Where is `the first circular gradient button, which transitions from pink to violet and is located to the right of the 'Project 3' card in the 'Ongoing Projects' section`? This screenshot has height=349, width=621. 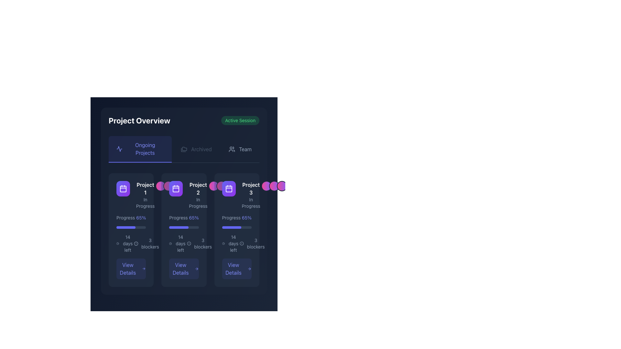
the first circular gradient button, which transitions from pink to violet and is located to the right of the 'Project 3' card in the 'Ongoing Projects' section is located at coordinates (266, 186).